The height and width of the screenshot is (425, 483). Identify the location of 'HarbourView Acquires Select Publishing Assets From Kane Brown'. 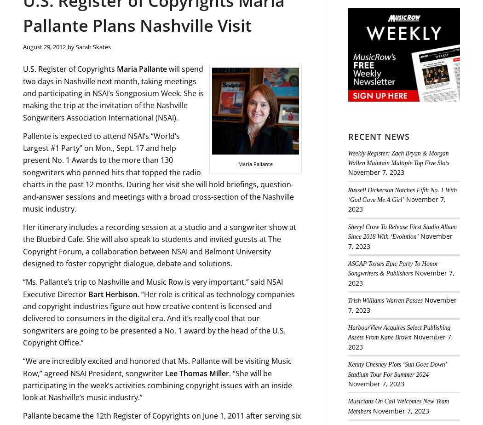
(348, 332).